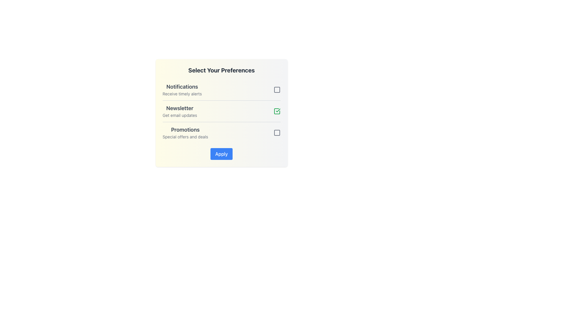 Image resolution: width=566 pixels, height=318 pixels. Describe the element at coordinates (221, 111) in the screenshot. I see `the green outlined checkbox for the 'Newsletter' option` at that location.